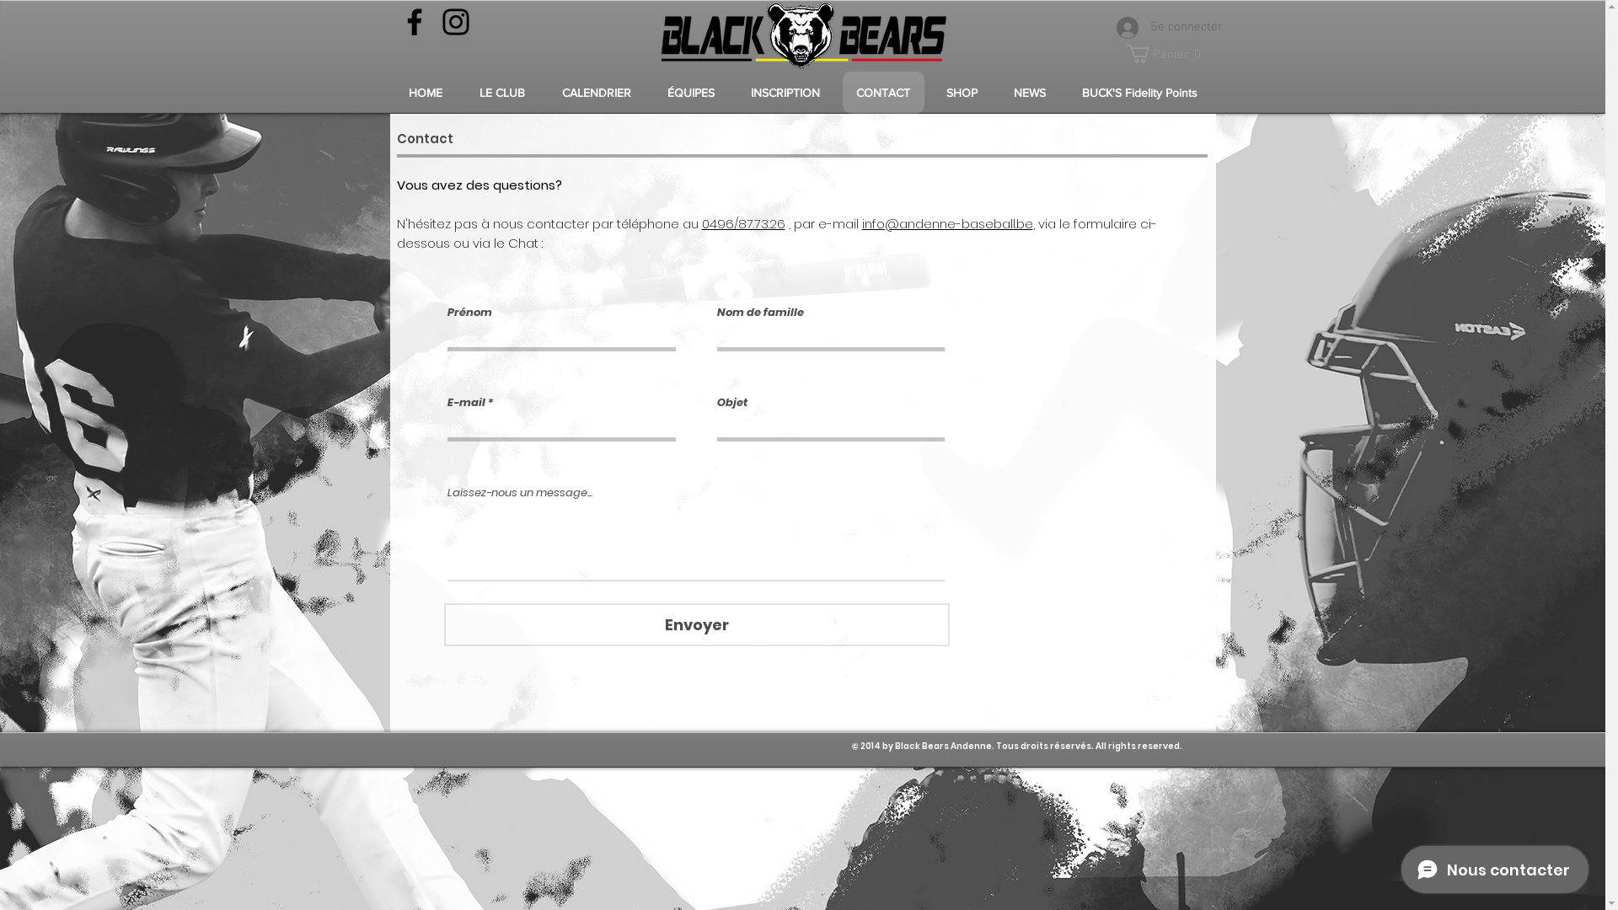  Describe the element at coordinates (736, 93) in the screenshot. I see `'INSCRIPTION'` at that location.